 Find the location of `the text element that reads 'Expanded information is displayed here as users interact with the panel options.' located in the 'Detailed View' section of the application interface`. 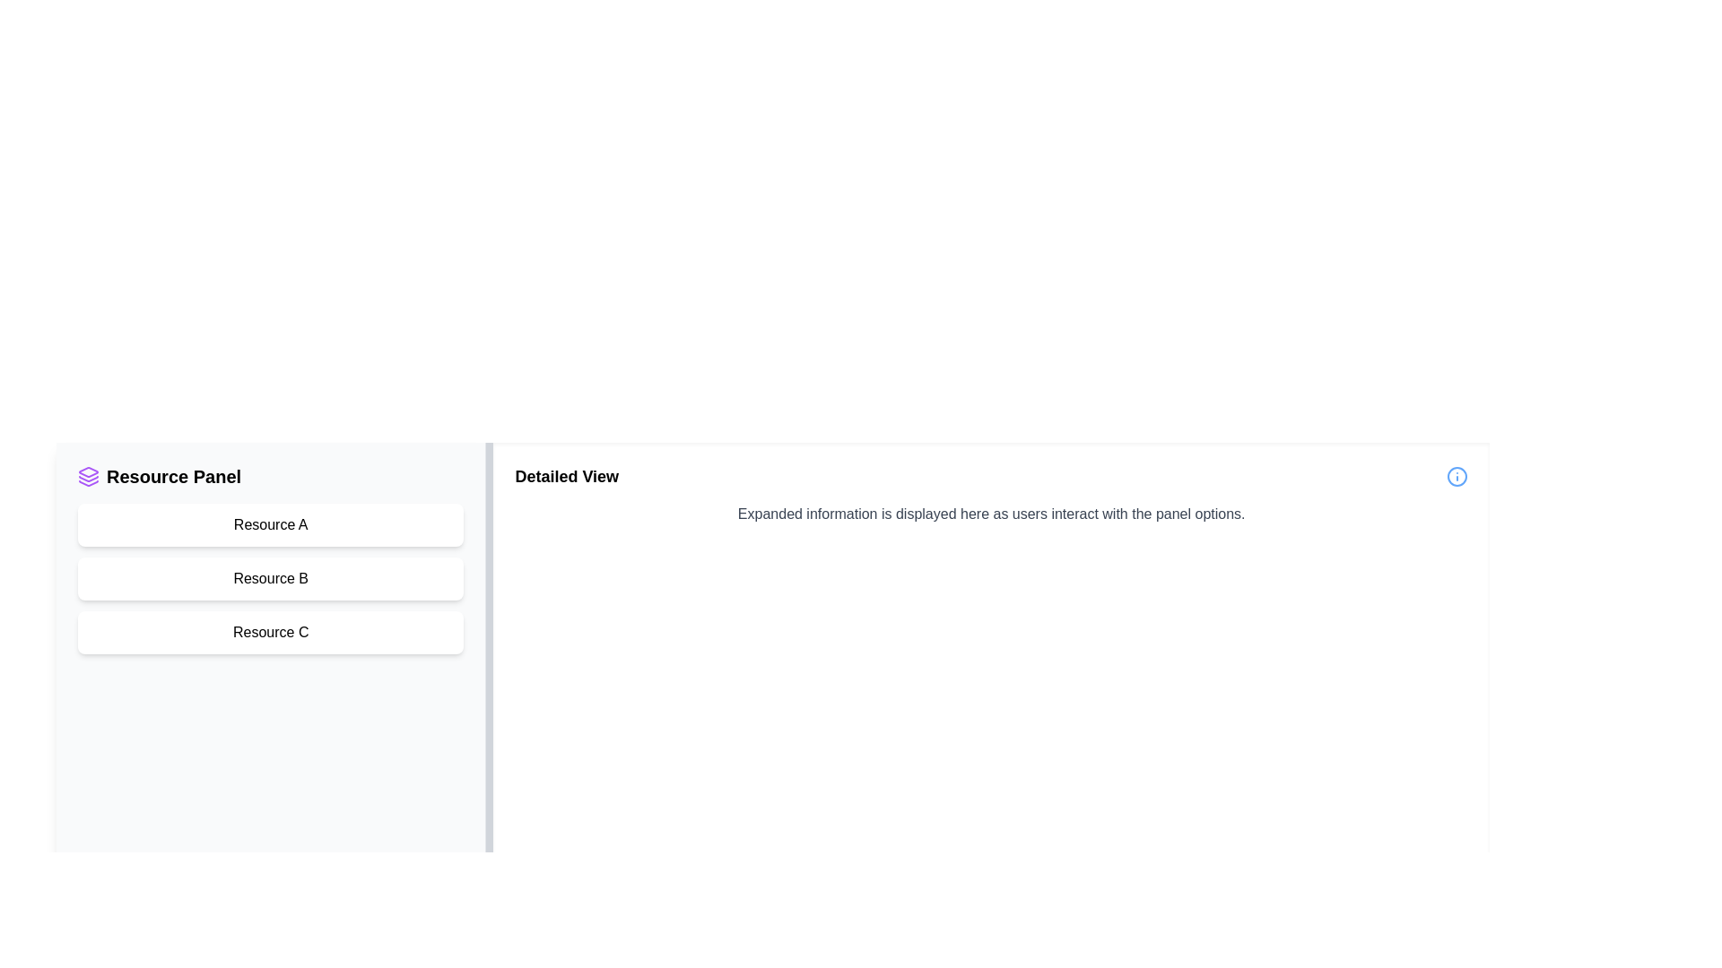

the text element that reads 'Expanded information is displayed here as users interact with the panel options.' located in the 'Detailed View' section of the application interface is located at coordinates (990, 514).